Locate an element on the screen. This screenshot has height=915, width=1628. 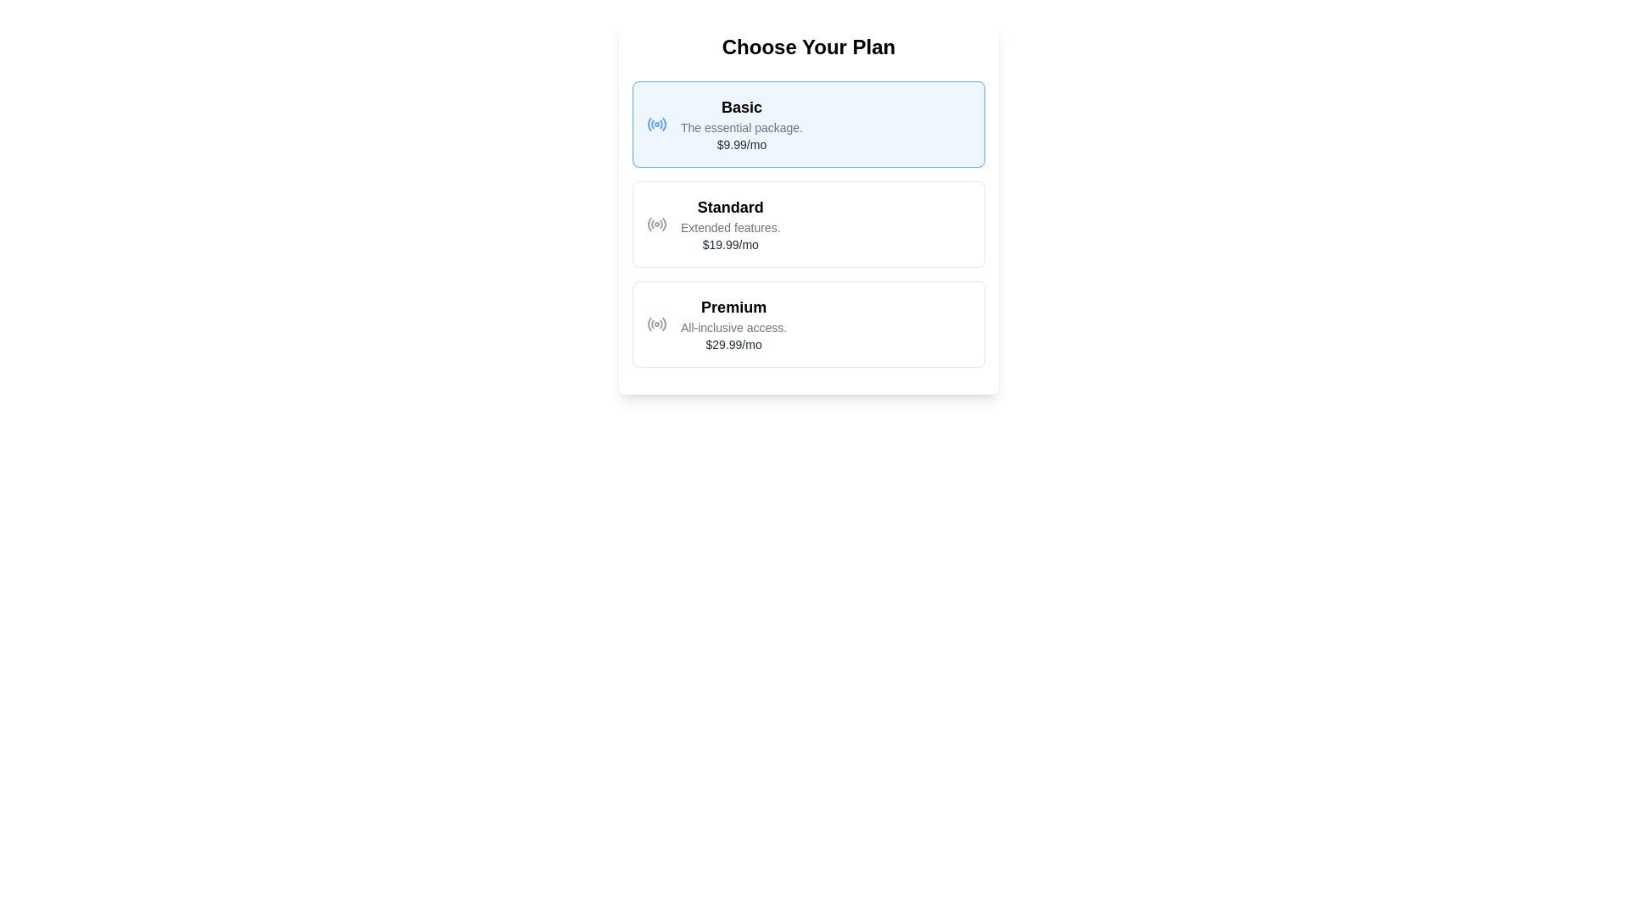
details of the 'Basic' subscription plan by clicking on the top option in the column list of subscription plan cards is located at coordinates (808, 123).